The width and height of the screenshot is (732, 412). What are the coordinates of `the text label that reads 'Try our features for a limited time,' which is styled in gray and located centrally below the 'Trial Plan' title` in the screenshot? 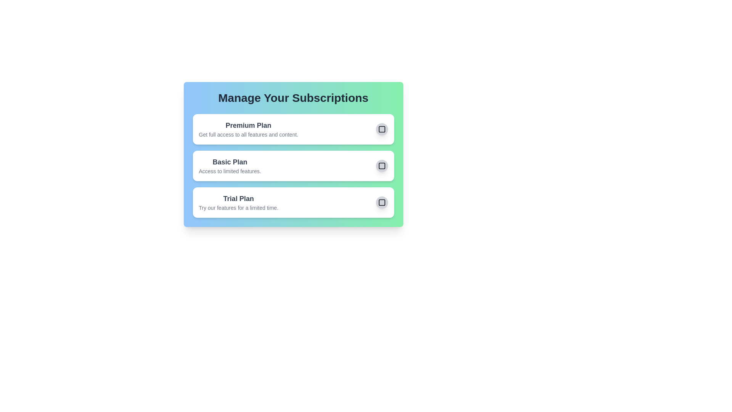 It's located at (238, 208).